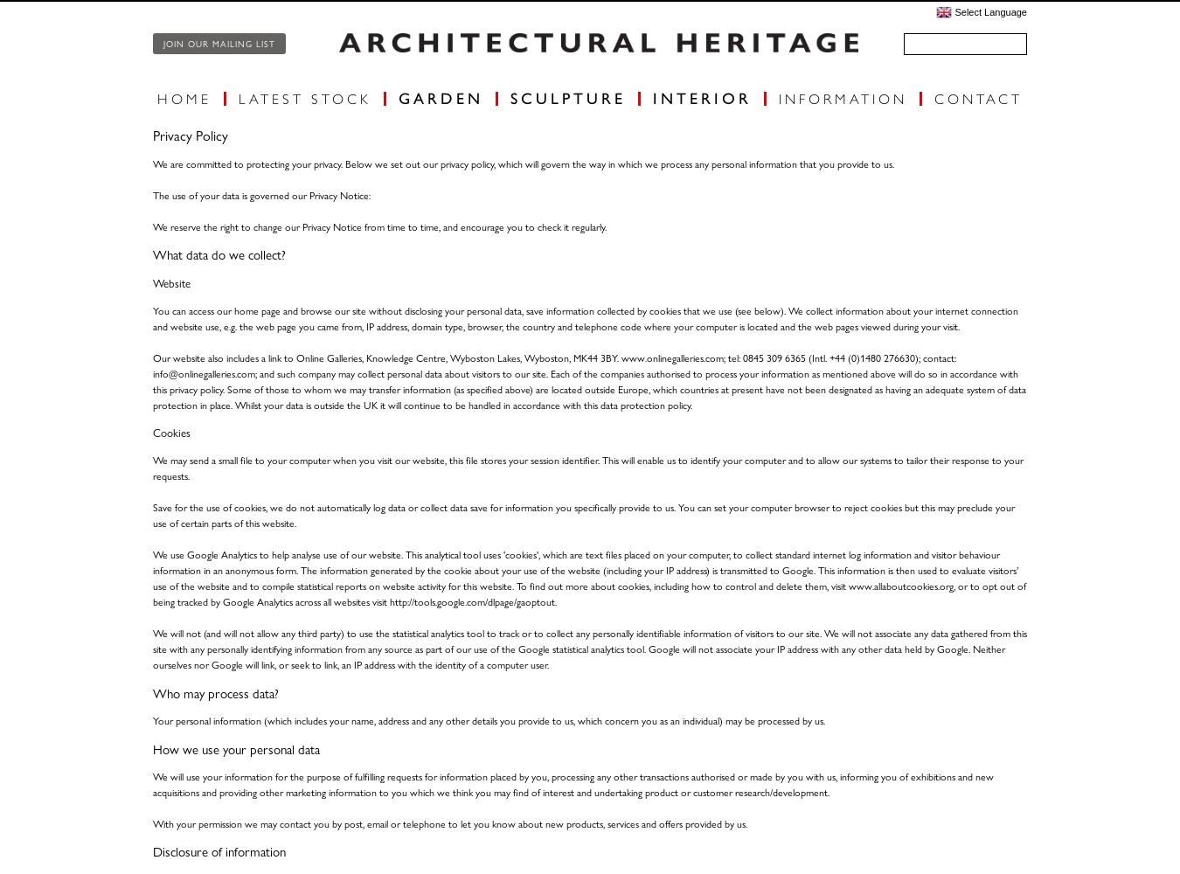 Image resolution: width=1180 pixels, height=874 pixels. Describe the element at coordinates (390, 601) in the screenshot. I see `'http://tools.google.com/dlpage/gaoptout'` at that location.